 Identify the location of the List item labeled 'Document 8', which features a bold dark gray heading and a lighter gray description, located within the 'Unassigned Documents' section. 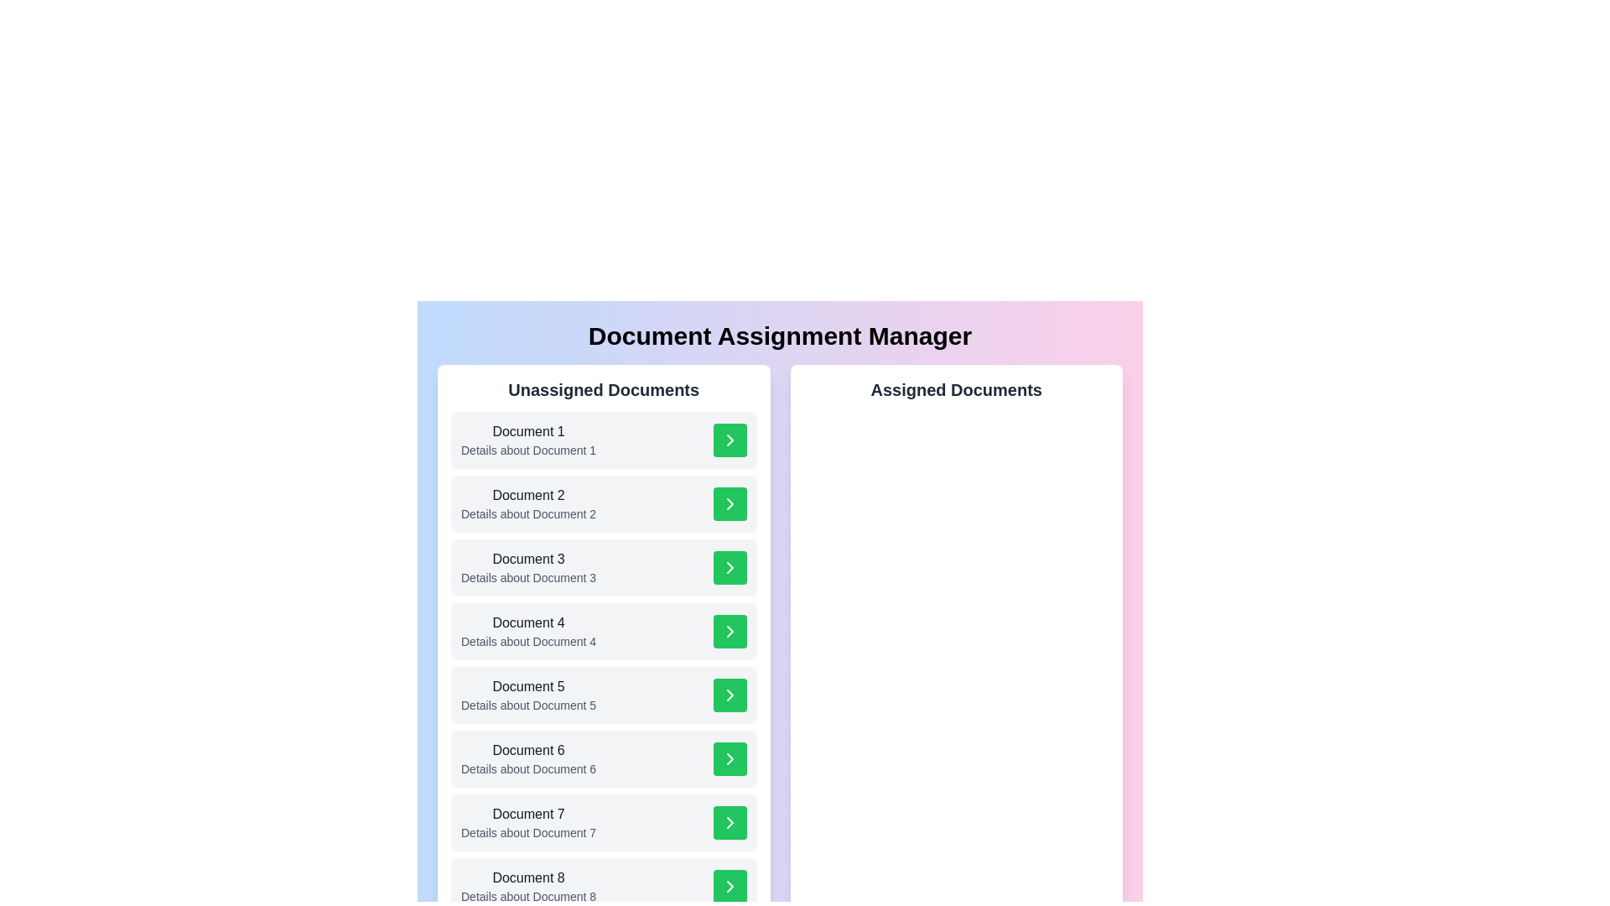
(527, 885).